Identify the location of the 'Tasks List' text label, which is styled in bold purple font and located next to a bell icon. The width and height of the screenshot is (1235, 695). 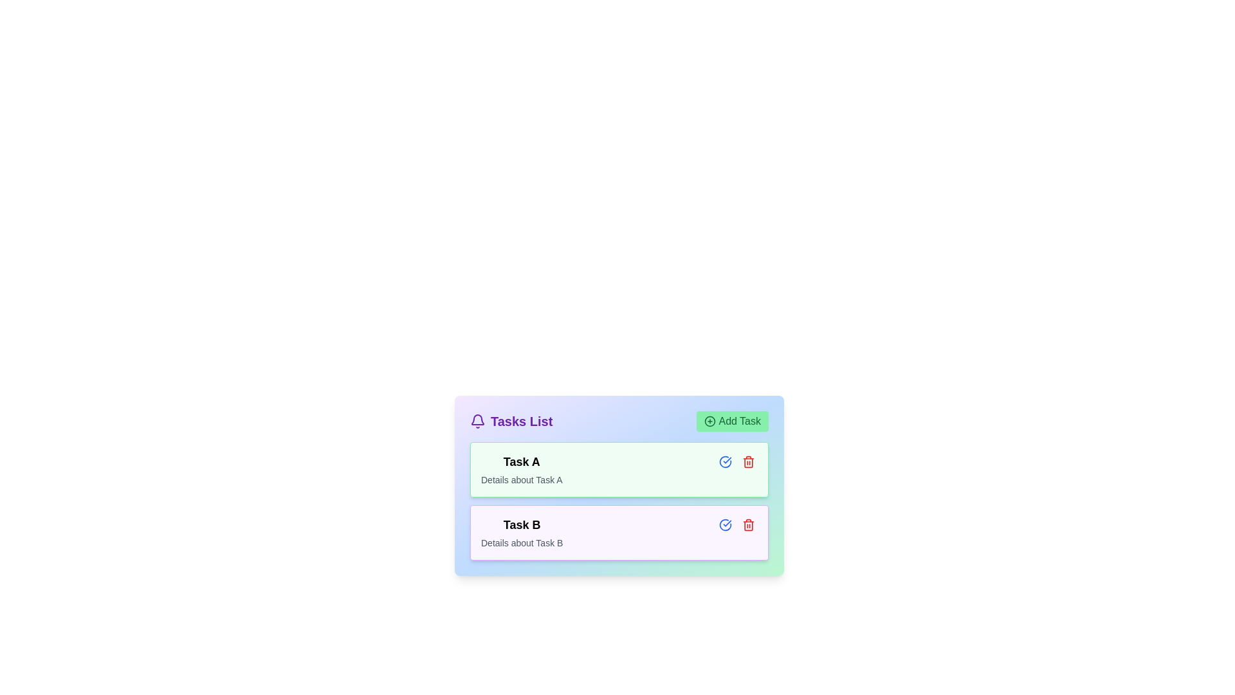
(511, 422).